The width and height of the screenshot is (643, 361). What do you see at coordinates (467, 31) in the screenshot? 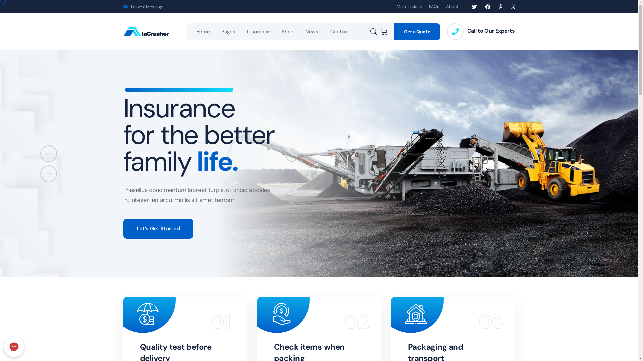
I see `'Call to Our Experts'` at bounding box center [467, 31].